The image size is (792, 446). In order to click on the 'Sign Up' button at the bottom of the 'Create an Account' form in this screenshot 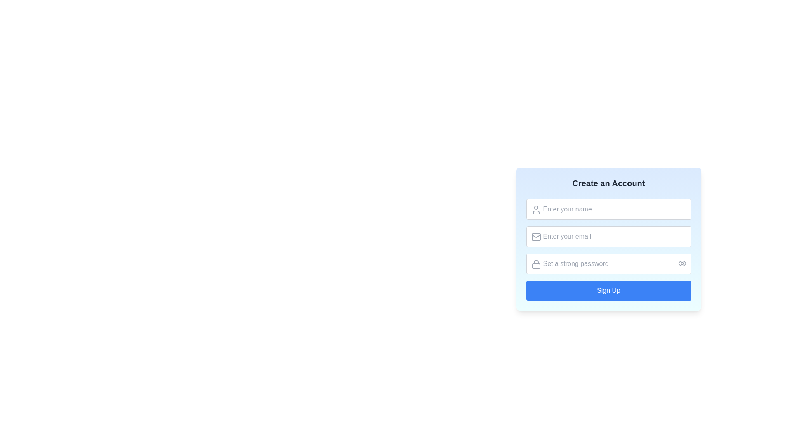, I will do `click(608, 290)`.